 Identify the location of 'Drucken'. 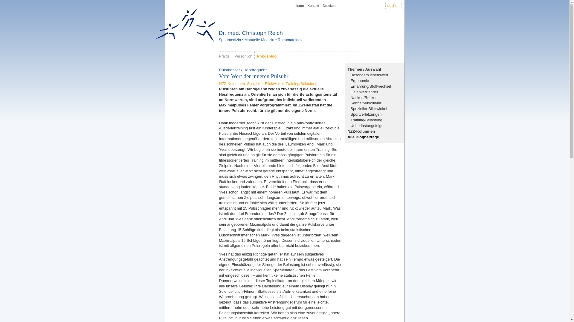
(329, 6).